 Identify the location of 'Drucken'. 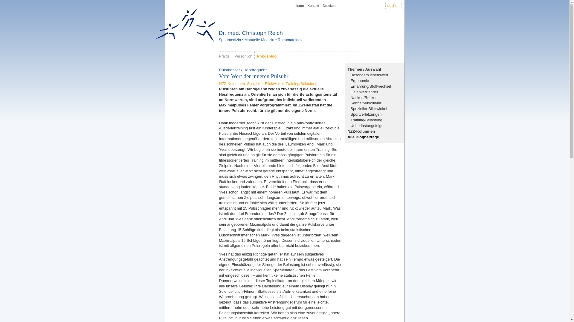
(329, 6).